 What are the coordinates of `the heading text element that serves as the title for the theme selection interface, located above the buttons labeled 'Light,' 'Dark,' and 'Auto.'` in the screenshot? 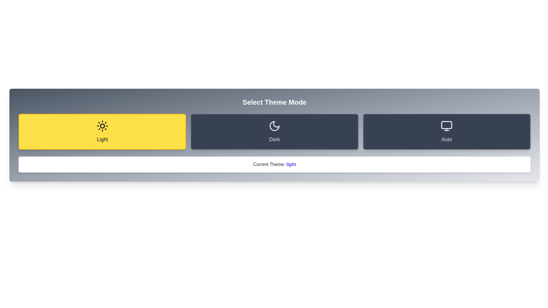 It's located at (274, 102).